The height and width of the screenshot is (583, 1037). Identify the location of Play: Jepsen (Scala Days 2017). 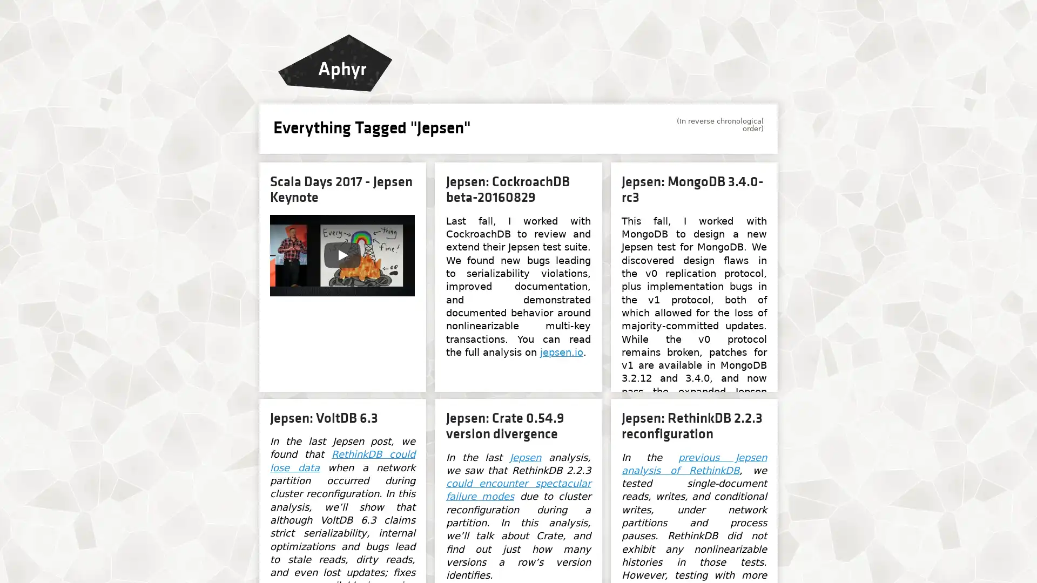
(341, 255).